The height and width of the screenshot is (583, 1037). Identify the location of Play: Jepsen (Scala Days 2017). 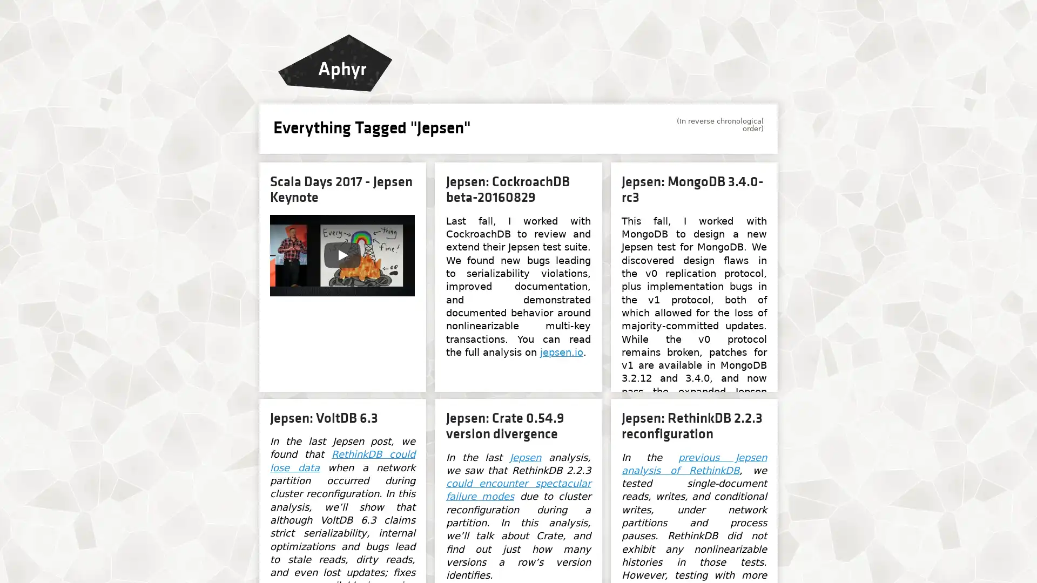
(341, 255).